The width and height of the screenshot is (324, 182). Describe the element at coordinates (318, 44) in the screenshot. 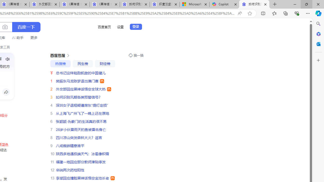

I see `'Outlook'` at that location.